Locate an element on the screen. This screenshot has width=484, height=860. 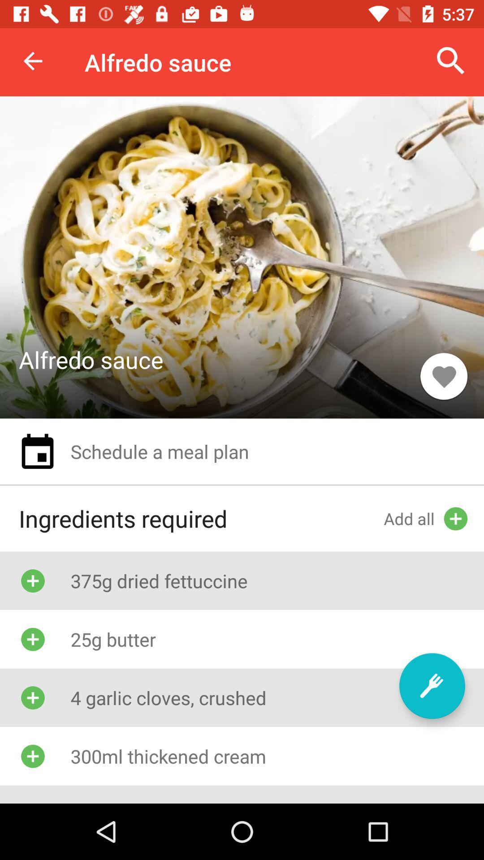
icon which is left to 4garlic covescrushed is located at coordinates (32, 697).